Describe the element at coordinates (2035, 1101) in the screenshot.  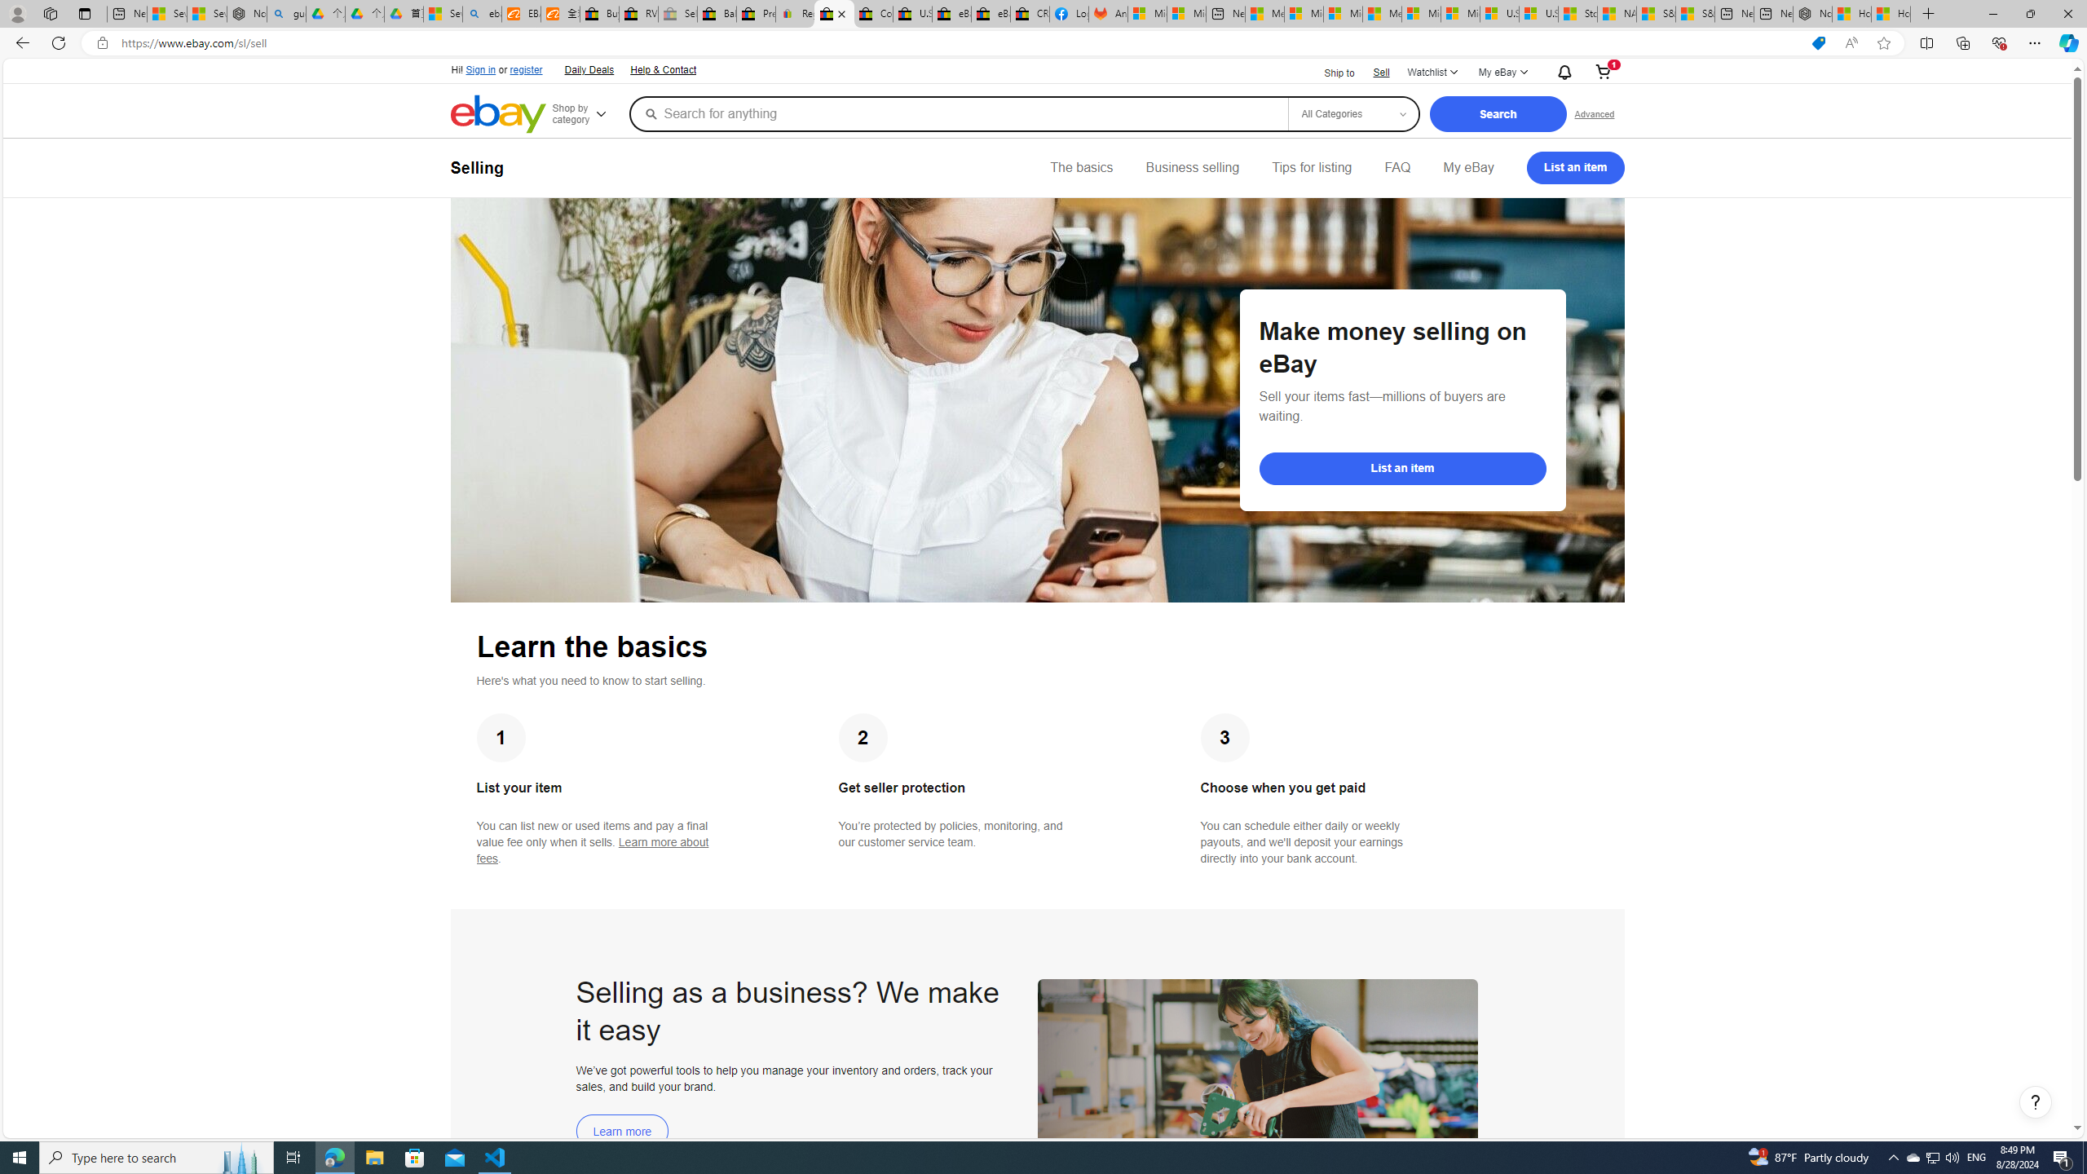
I see `'Help, opens dialogs'` at that location.